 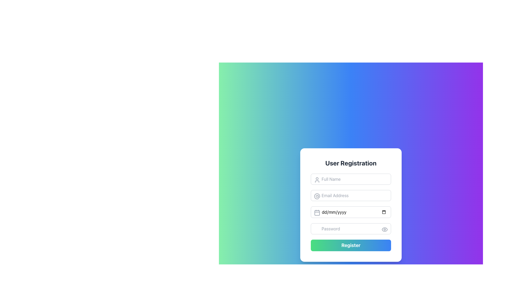 I want to click on the decorative icon indicating the purpose of the 'Full Name' input field in the registration form, so click(x=317, y=180).